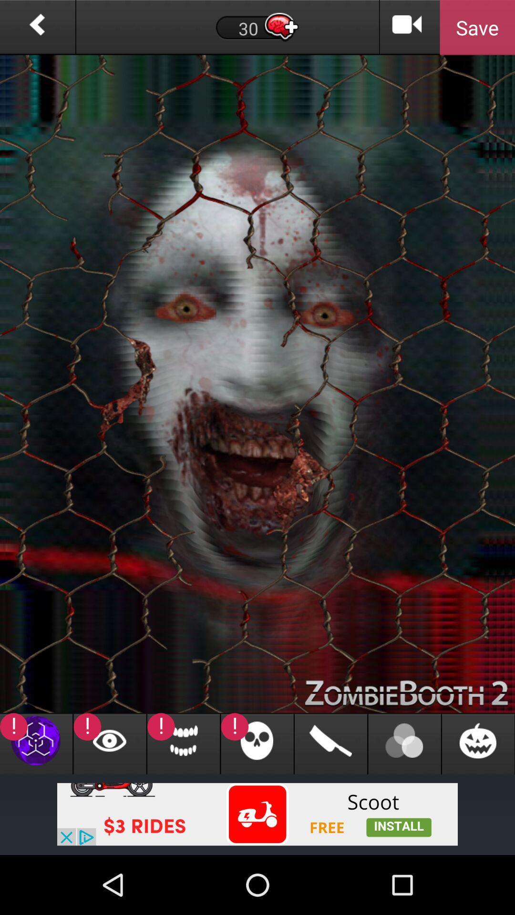 This screenshot has height=915, width=515. Describe the element at coordinates (109, 796) in the screenshot. I see `the visibility icon` at that location.